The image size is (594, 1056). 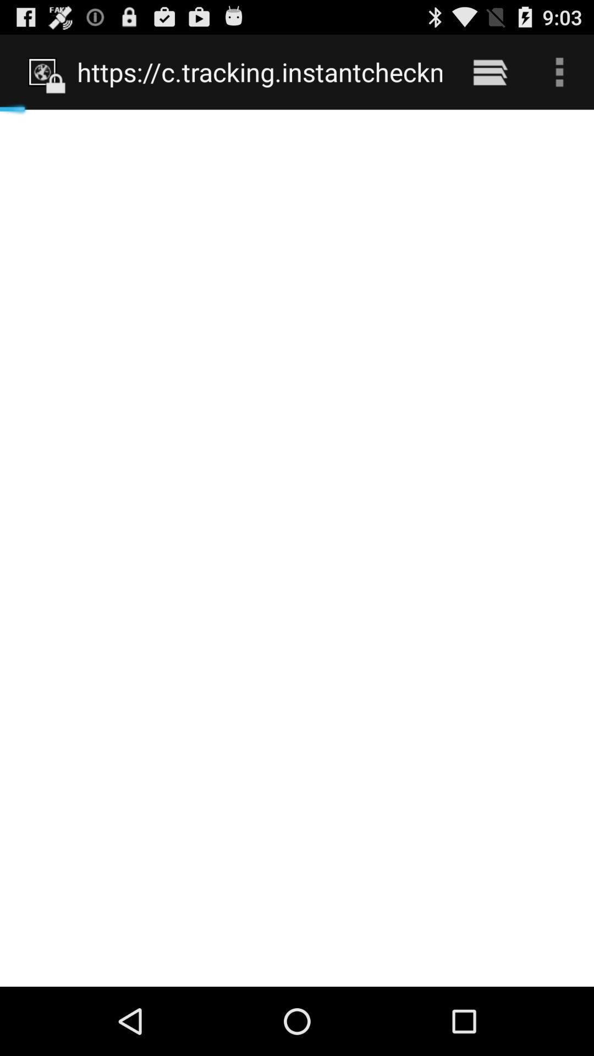 What do you see at coordinates (490, 71) in the screenshot?
I see `icon next to the https www phone` at bounding box center [490, 71].